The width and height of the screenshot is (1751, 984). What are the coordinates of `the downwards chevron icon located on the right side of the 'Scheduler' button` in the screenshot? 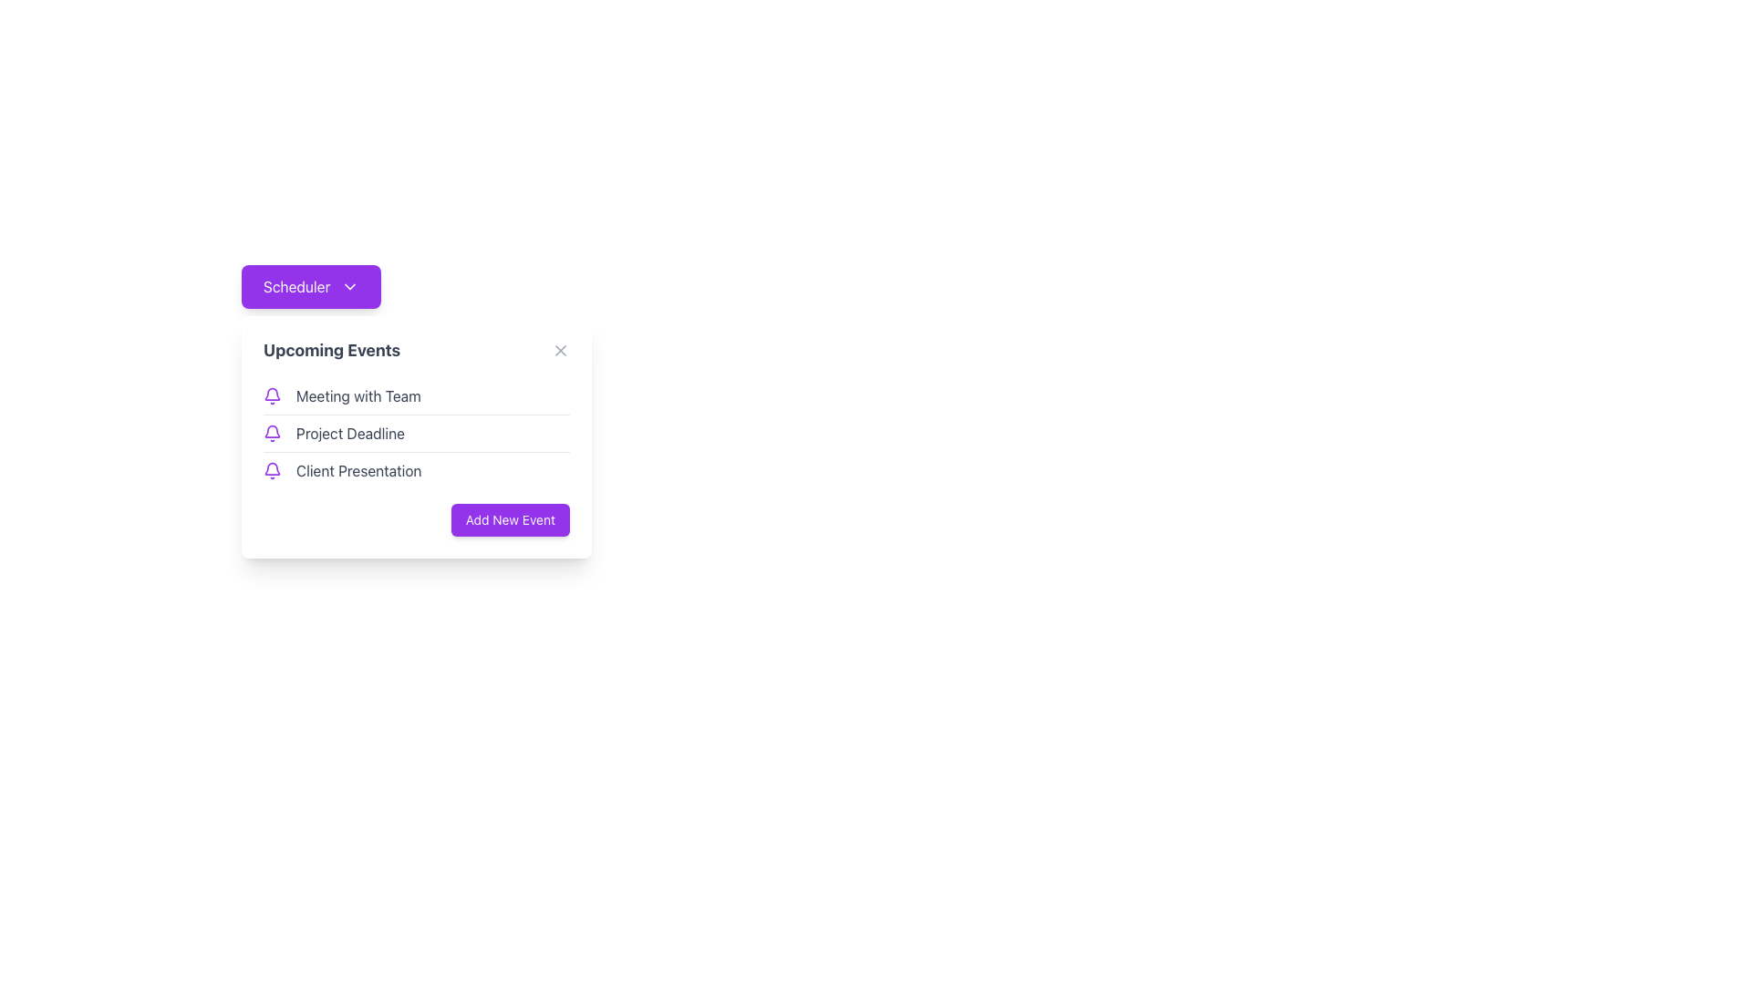 It's located at (350, 287).